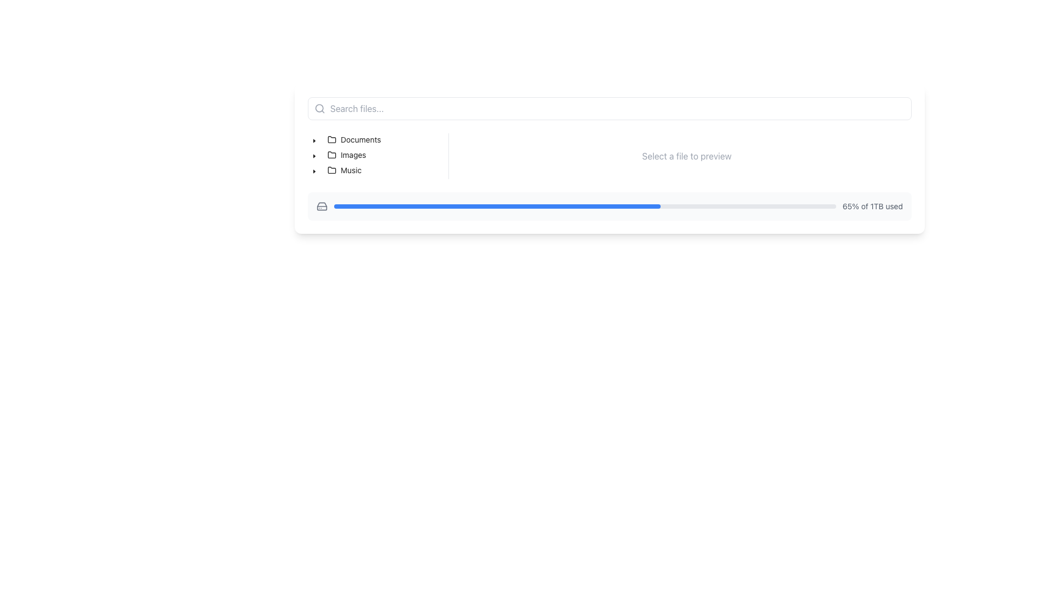  I want to click on the first folder item, so click(346, 139).